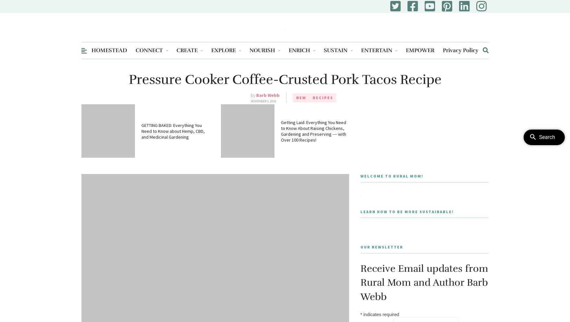 The image size is (570, 322). I want to click on 'Tech', so click(366, 94).